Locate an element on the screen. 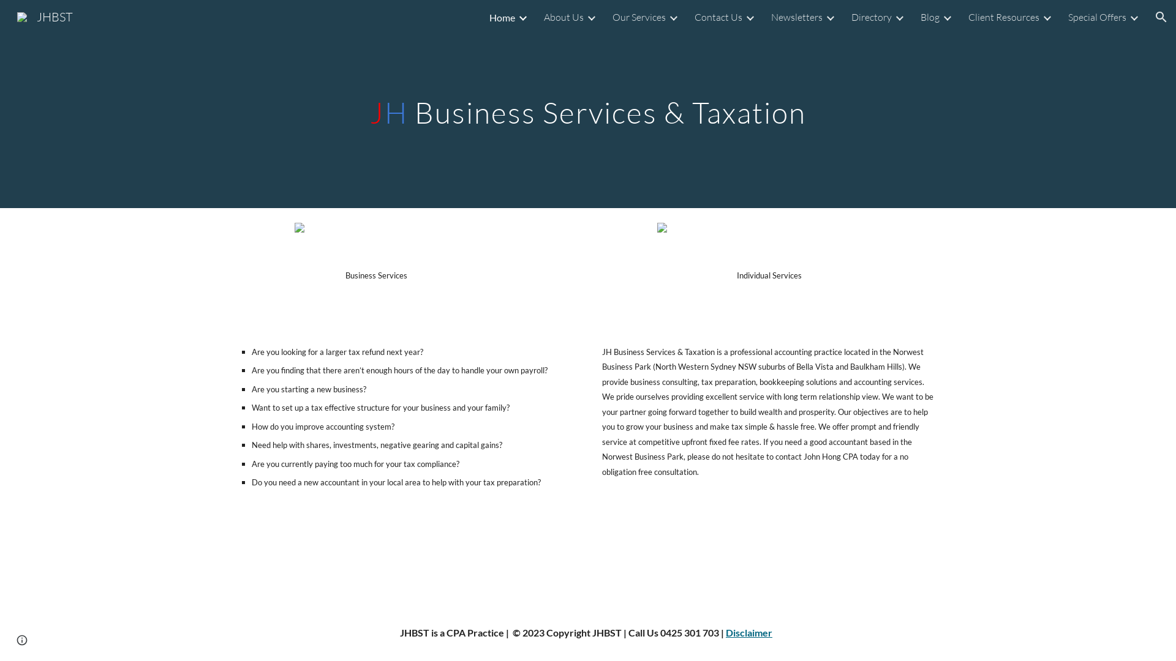  'Client Resources' is located at coordinates (1003, 17).